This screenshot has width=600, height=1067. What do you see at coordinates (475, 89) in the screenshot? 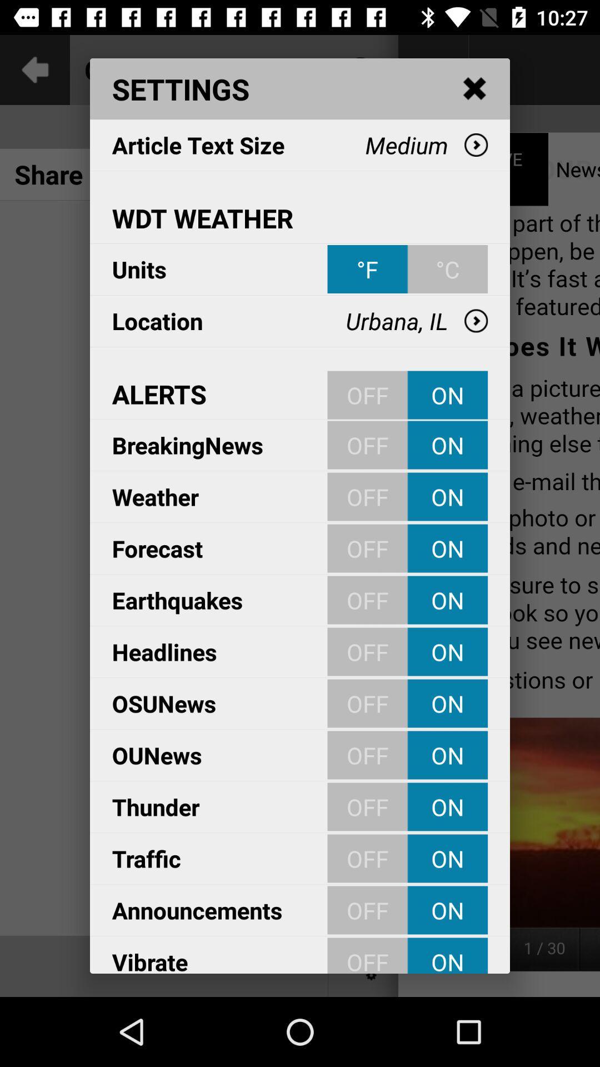
I see `close` at bounding box center [475, 89].